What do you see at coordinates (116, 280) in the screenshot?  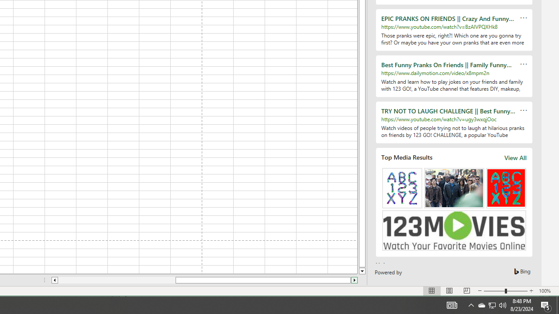 I see `'Page left'` at bounding box center [116, 280].